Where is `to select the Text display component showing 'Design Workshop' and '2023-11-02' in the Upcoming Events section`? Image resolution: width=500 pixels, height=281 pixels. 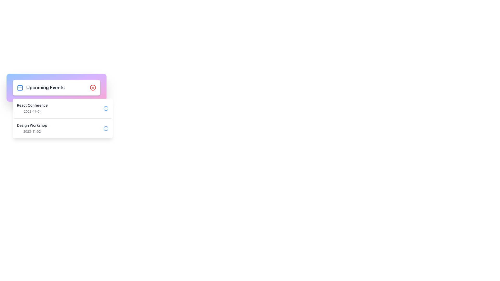 to select the Text display component showing 'Design Workshop' and '2023-11-02' in the Upcoming Events section is located at coordinates (32, 128).